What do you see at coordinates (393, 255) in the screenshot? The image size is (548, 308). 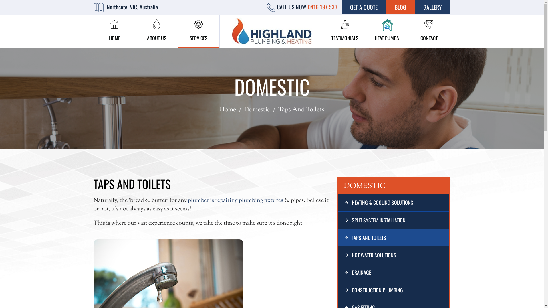 I see `'HOT WATER SOLUTIONS'` at bounding box center [393, 255].